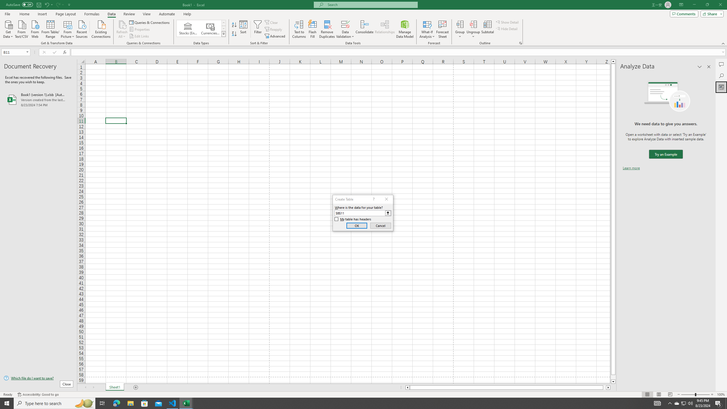  What do you see at coordinates (111, 14) in the screenshot?
I see `'Data'` at bounding box center [111, 14].